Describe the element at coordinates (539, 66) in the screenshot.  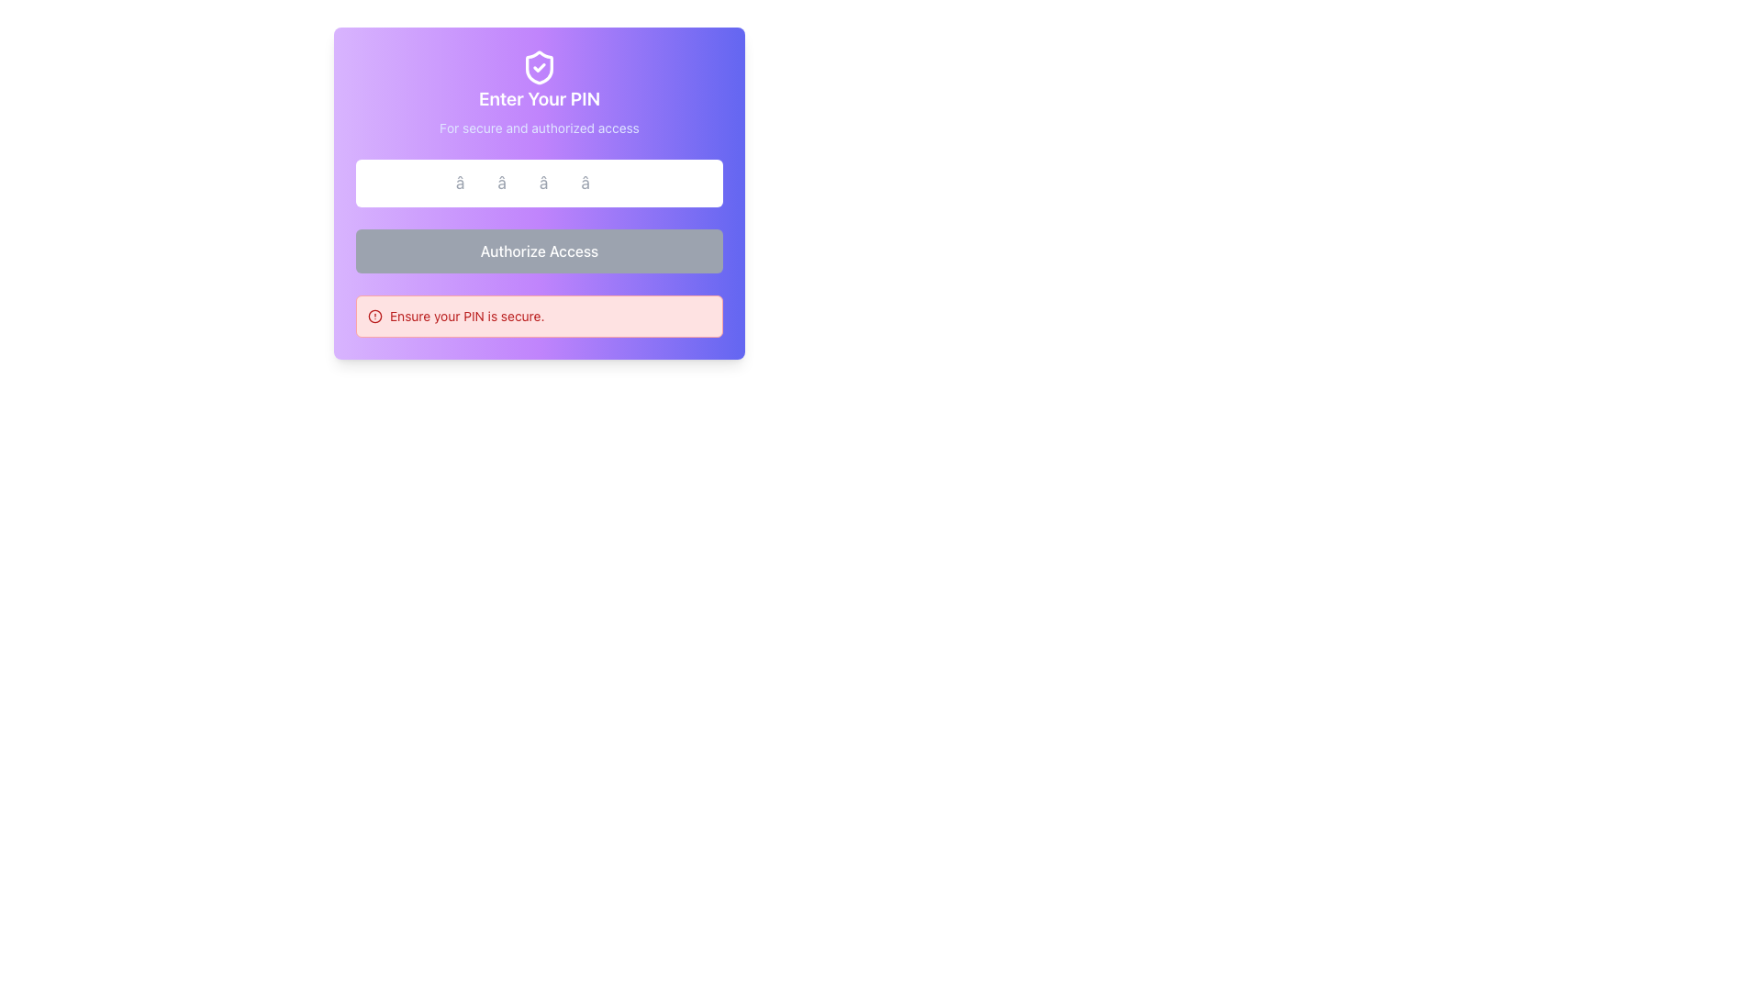
I see `the security confirmation icon located at the top-center of the form interface, directly above the 'Enter Your PIN' text` at that location.